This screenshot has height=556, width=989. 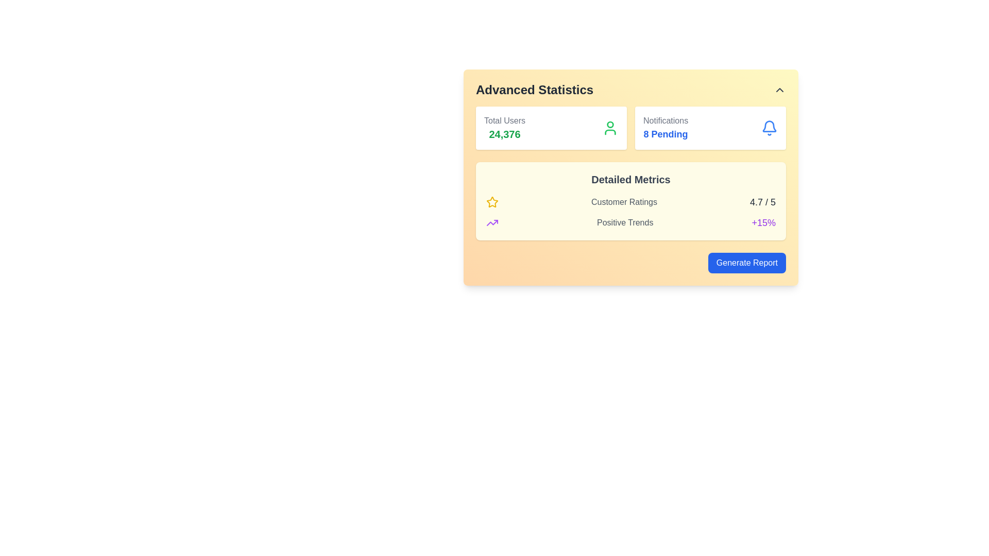 What do you see at coordinates (630, 179) in the screenshot?
I see `the Text Header element that serves as a heading for the 'Detailed Metrics' section, indicating customer ratings and trends` at bounding box center [630, 179].